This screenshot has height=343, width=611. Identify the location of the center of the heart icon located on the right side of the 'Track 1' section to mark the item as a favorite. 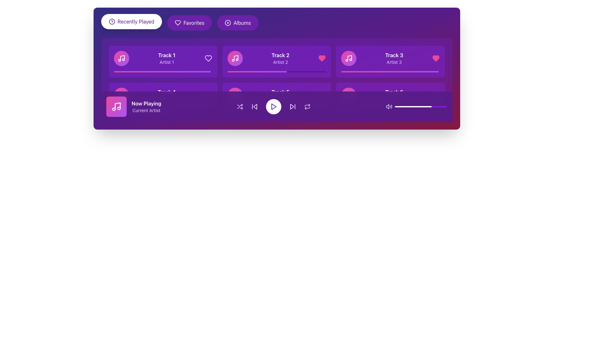
(208, 58).